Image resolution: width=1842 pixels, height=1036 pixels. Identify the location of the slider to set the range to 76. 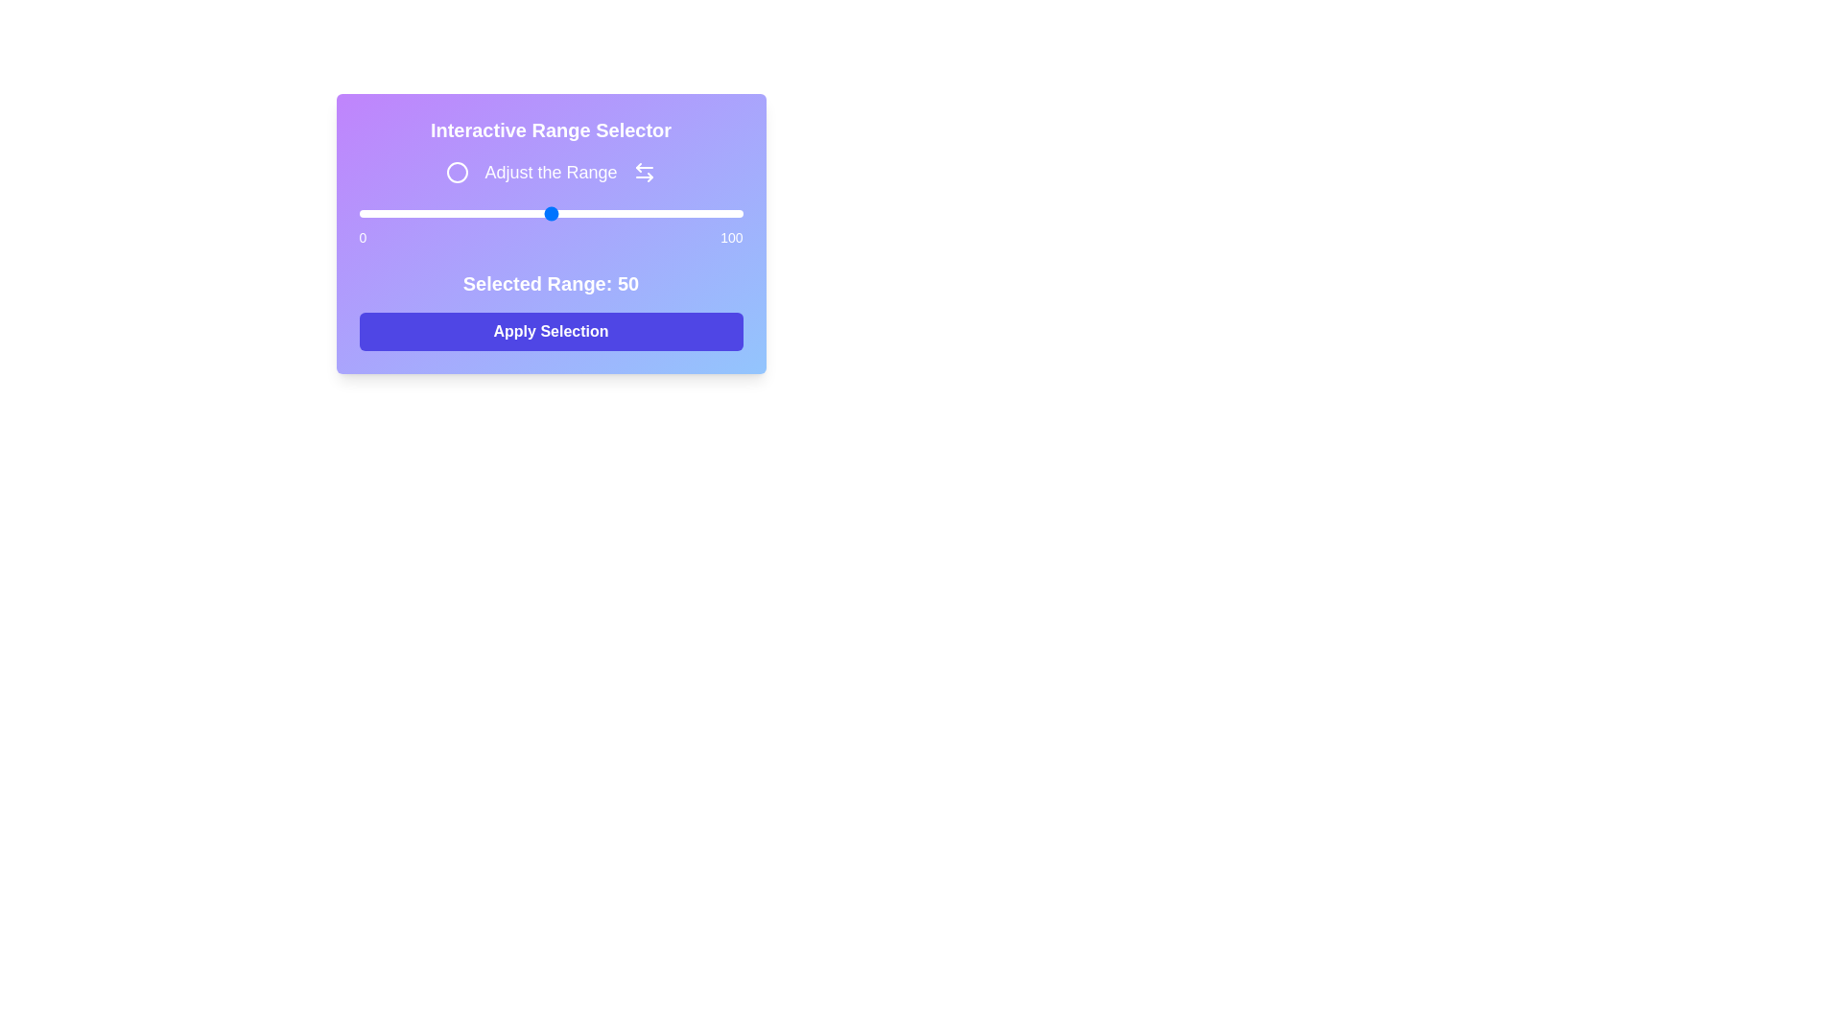
(650, 214).